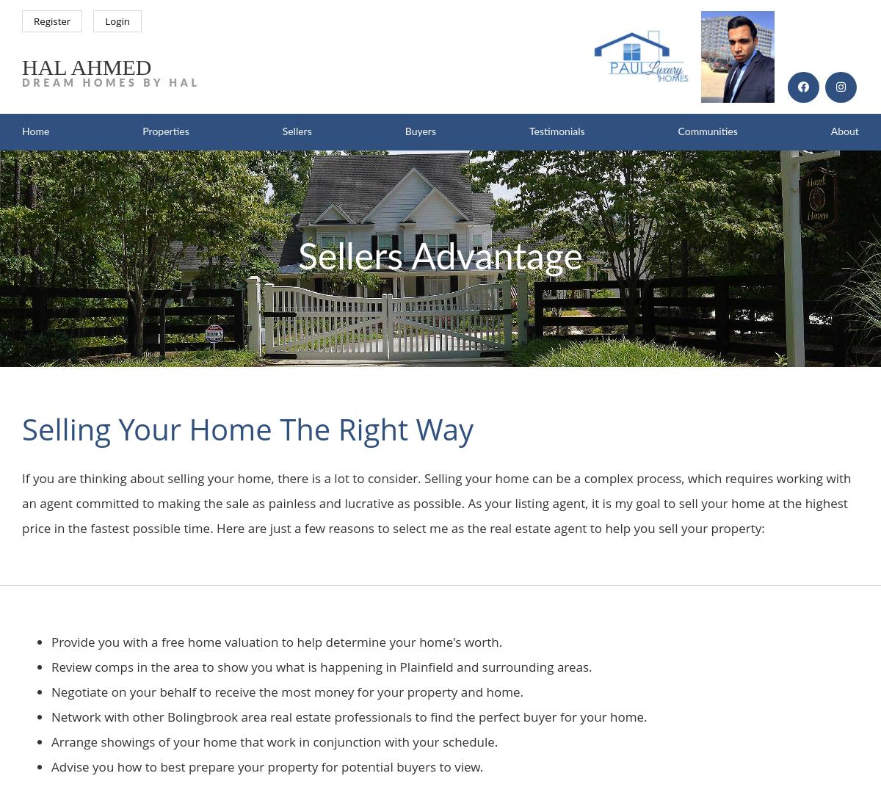 The image size is (881, 787). I want to click on 'Negotiate on your behalf to receive the most money for your property and home.', so click(287, 691).